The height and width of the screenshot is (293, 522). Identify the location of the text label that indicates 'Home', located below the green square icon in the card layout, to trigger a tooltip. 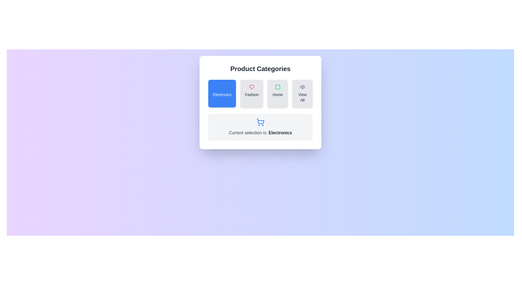
(278, 94).